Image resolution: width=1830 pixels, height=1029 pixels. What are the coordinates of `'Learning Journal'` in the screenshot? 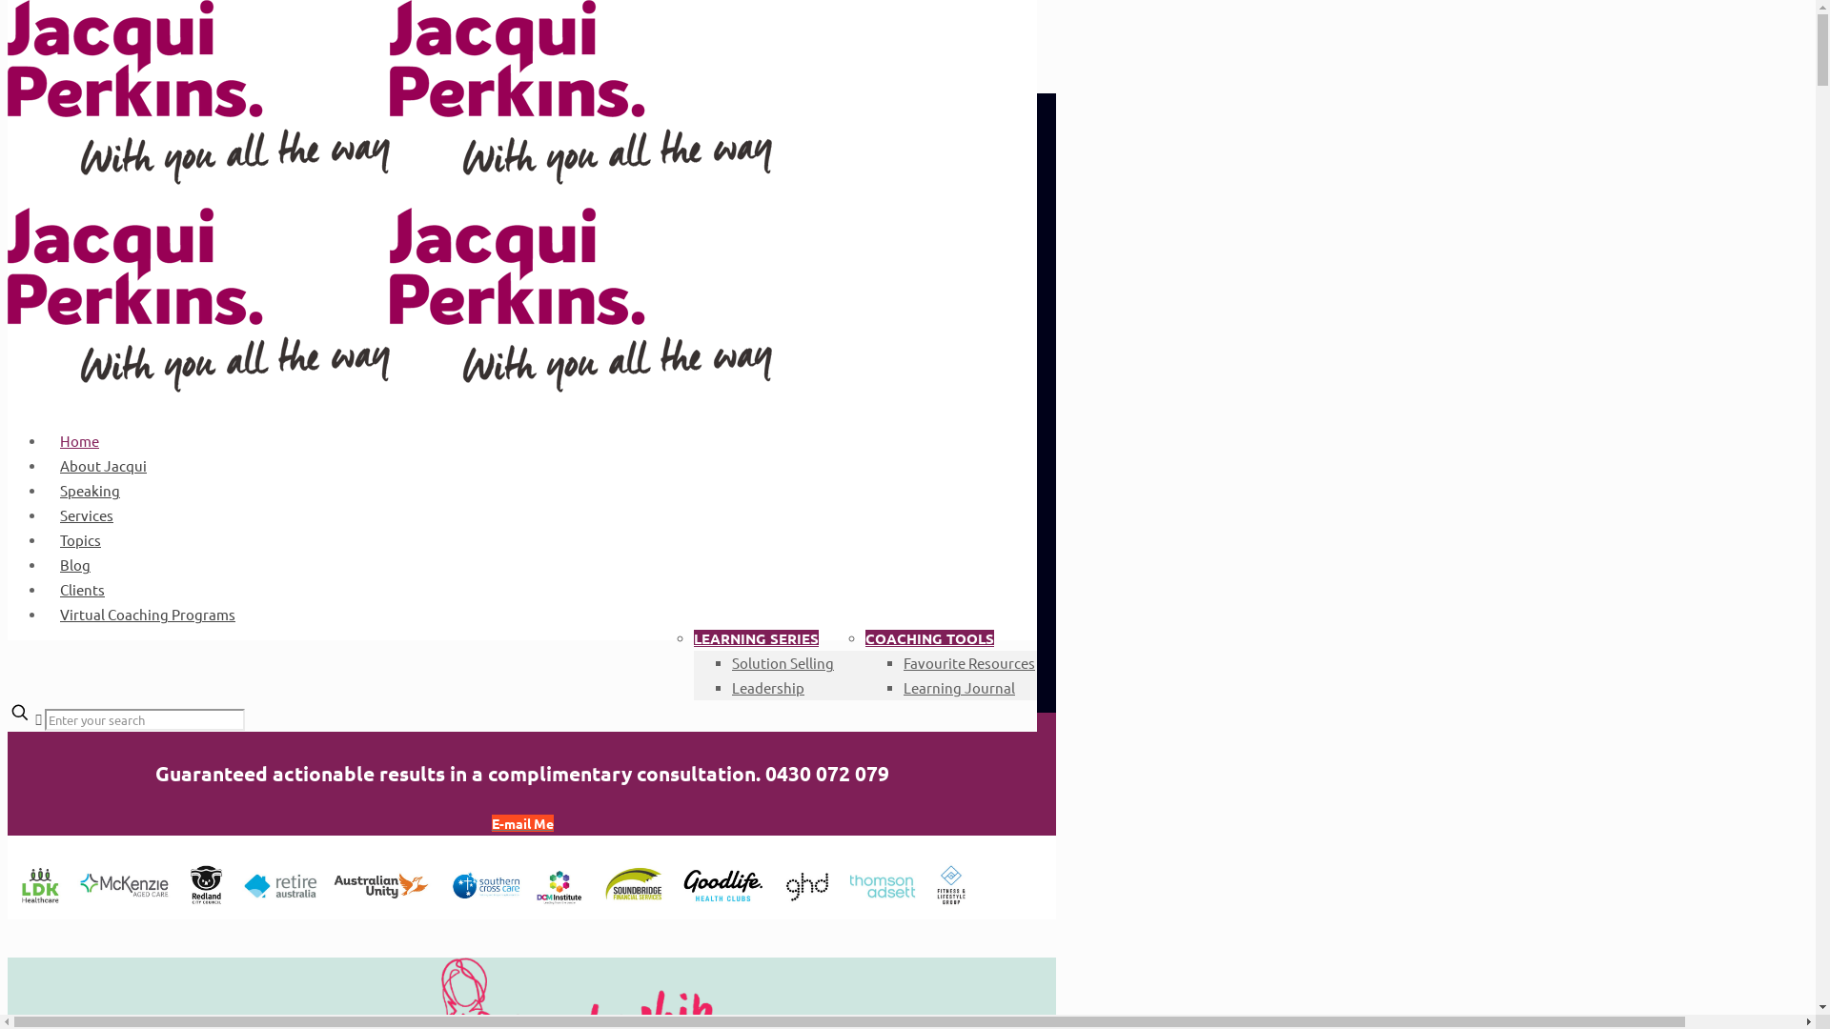 It's located at (959, 687).